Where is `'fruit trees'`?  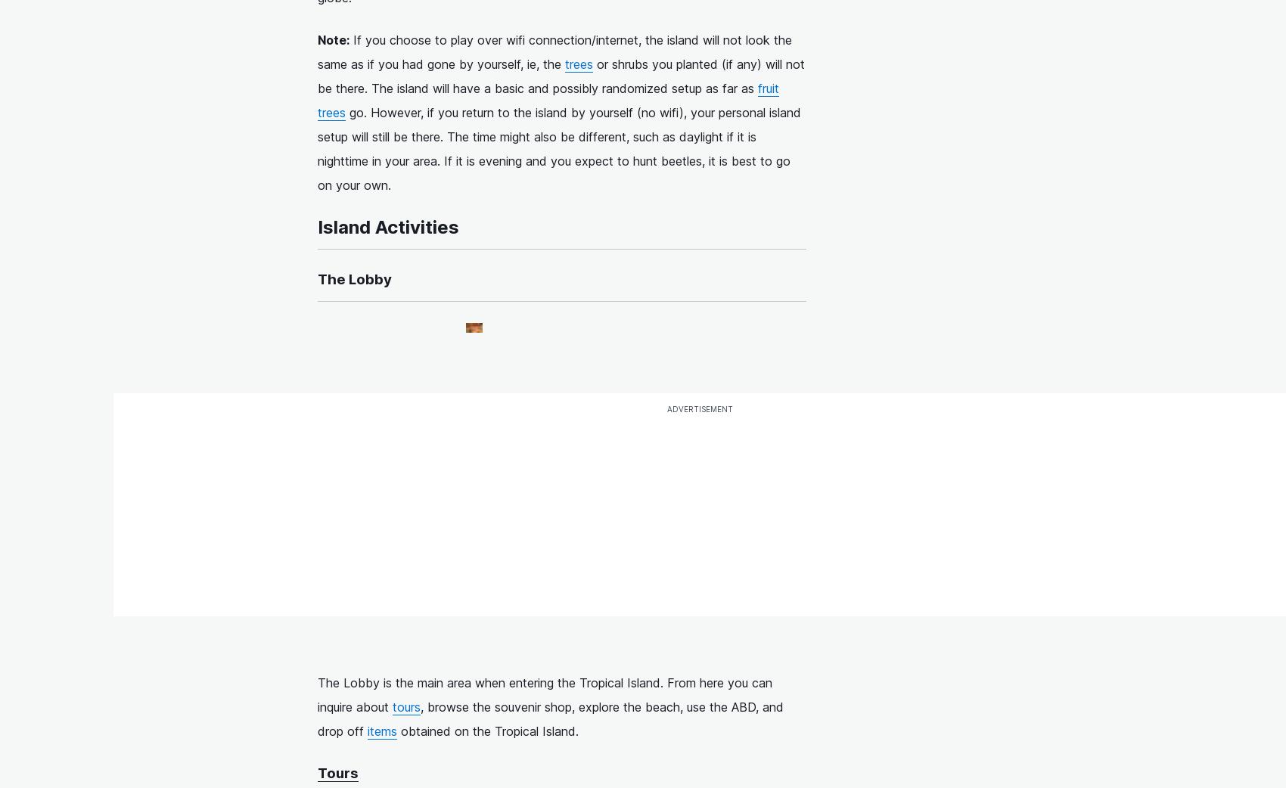 'fruit trees' is located at coordinates (548, 100).